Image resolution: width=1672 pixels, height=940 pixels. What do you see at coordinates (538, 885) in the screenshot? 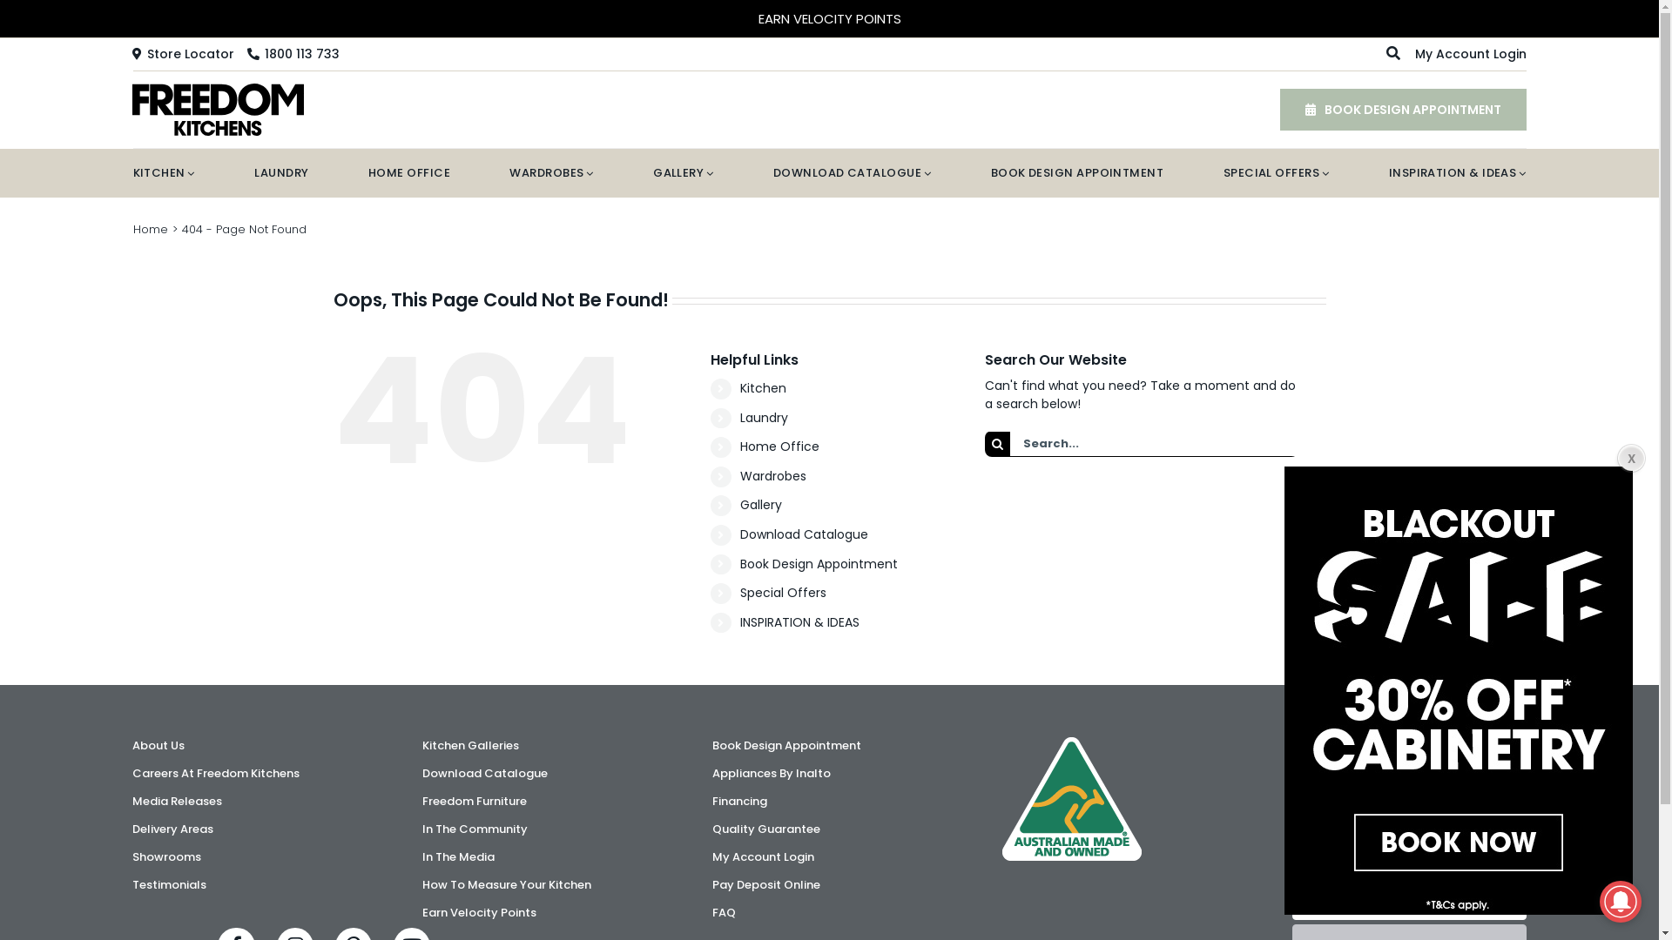
I see `'How To Measure Your Kitchen'` at bounding box center [538, 885].